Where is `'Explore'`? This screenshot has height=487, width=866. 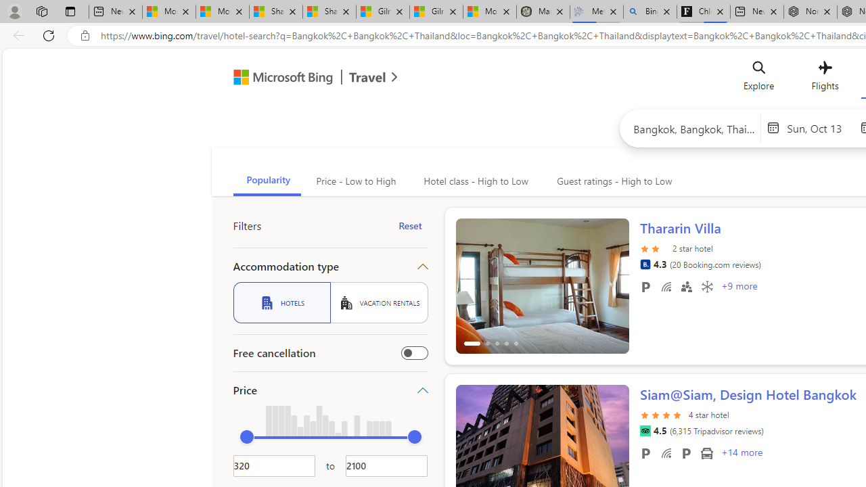 'Explore' is located at coordinates (758, 79).